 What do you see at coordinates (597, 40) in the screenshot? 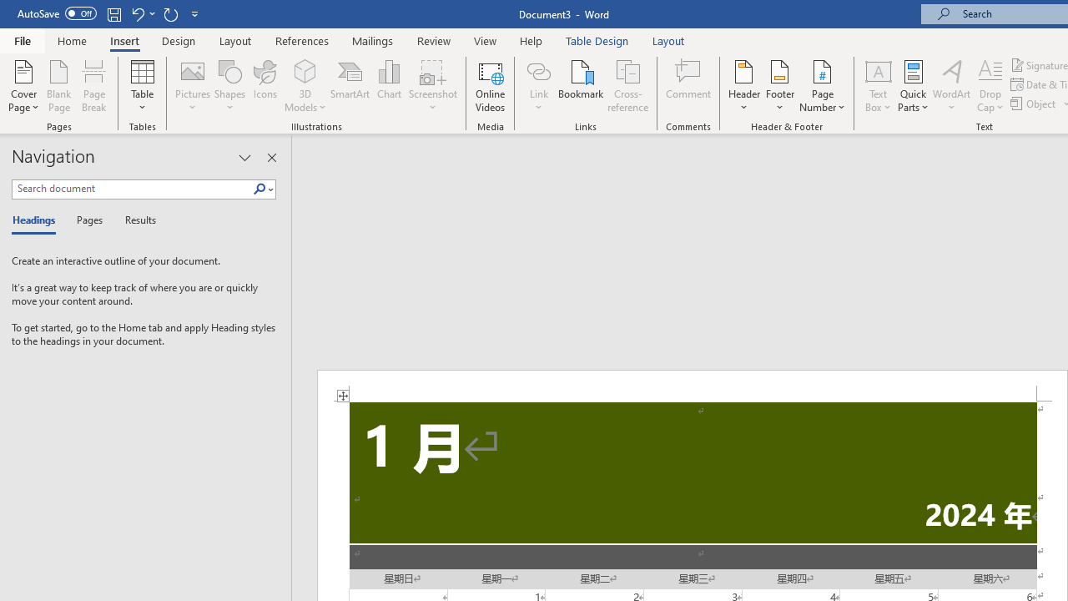
I see `'Table Design'` at bounding box center [597, 40].